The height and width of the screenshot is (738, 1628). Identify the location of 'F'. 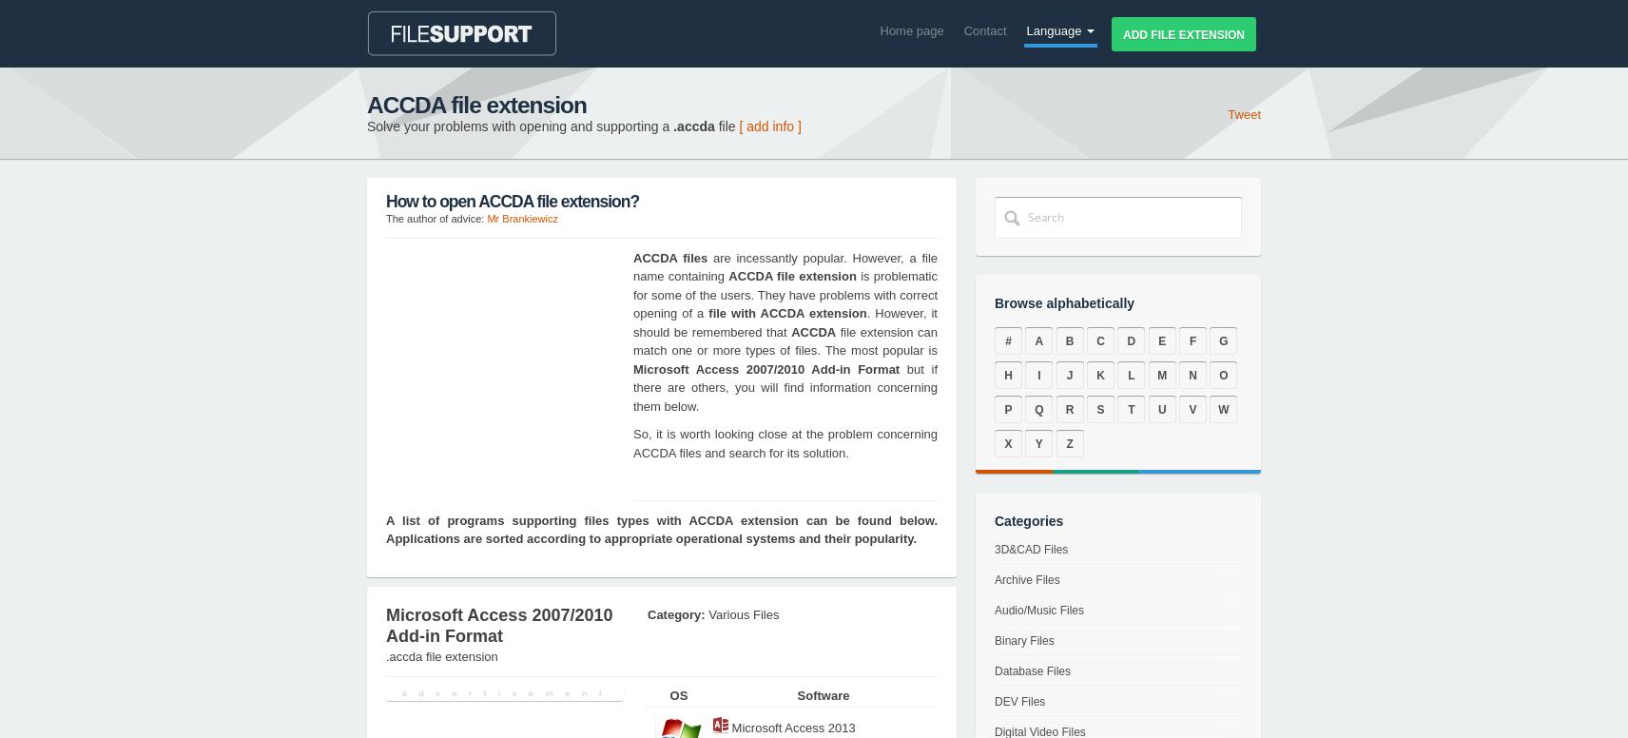
(1192, 340).